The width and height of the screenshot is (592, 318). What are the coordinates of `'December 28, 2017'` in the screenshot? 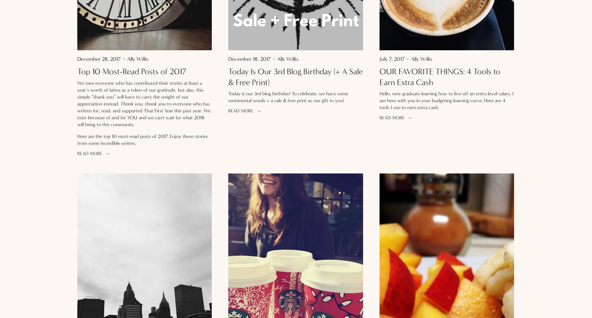 It's located at (98, 58).